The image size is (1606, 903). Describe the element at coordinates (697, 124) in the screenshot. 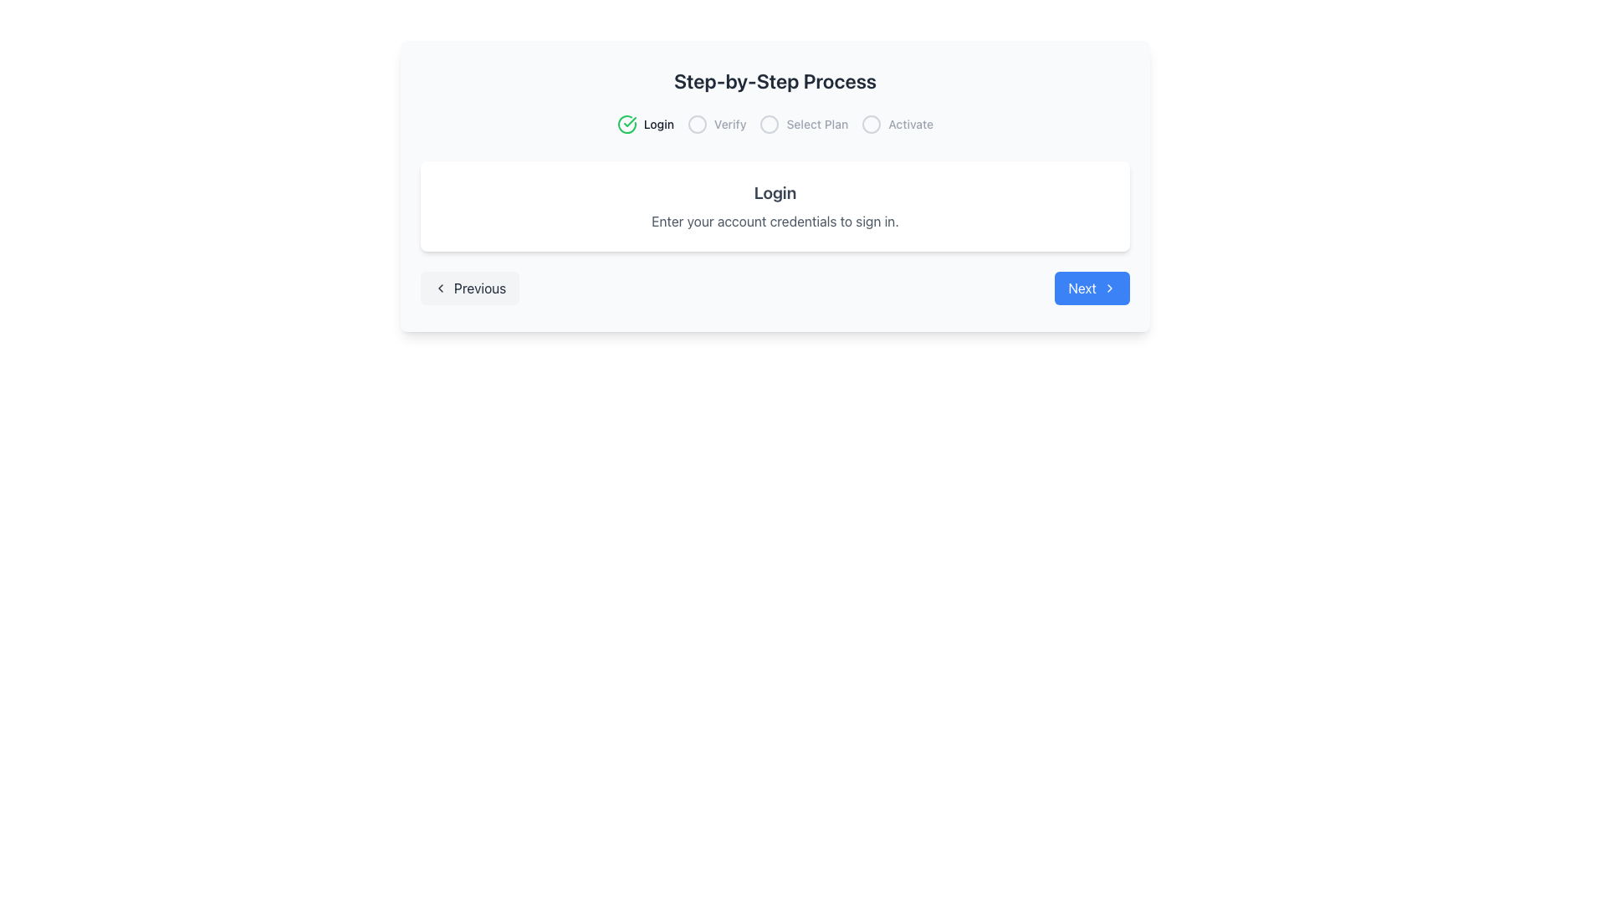

I see `the state or styling of the first SVG circle element in the progress bar associated with the second step labeled 'Verify'` at that location.